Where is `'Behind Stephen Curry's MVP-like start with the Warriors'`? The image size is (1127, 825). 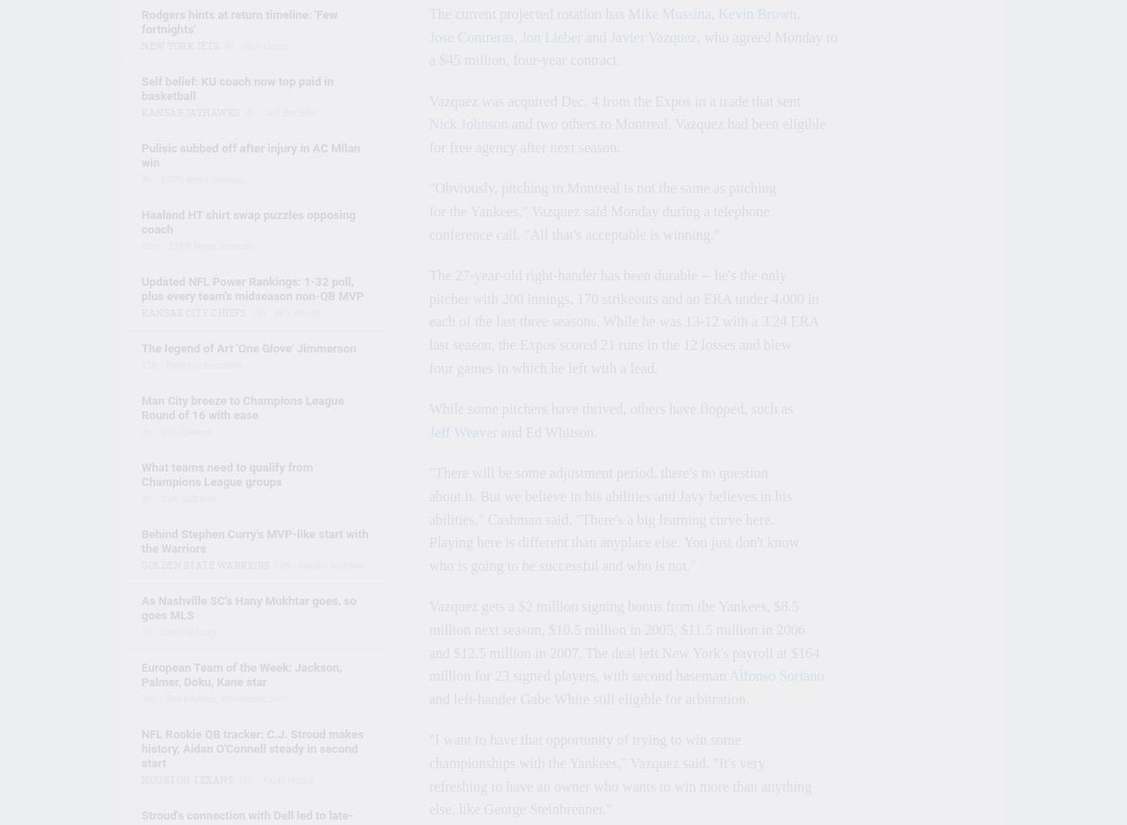 'Behind Stephen Curry's MVP-like start with the Warriors' is located at coordinates (142, 540).